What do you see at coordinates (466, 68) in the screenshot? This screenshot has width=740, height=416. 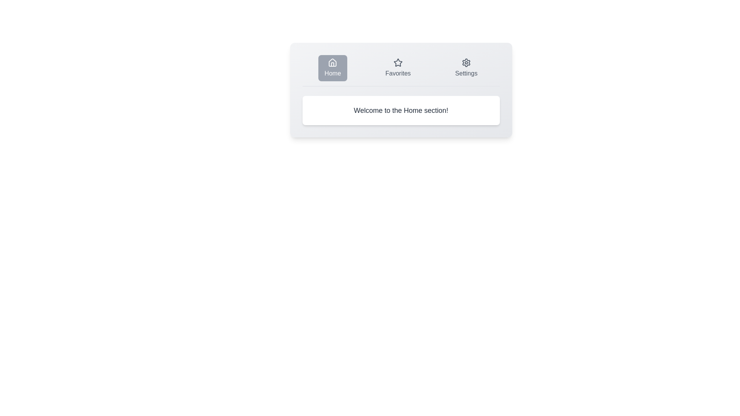 I see `the Settings tab` at bounding box center [466, 68].